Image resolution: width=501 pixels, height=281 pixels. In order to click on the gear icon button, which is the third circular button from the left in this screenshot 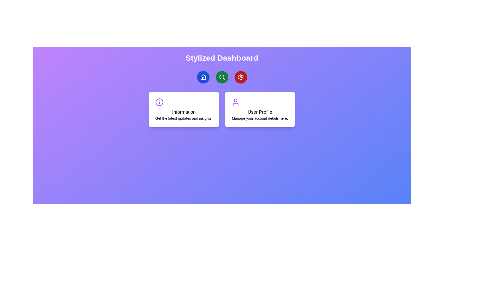, I will do `click(240, 77)`.